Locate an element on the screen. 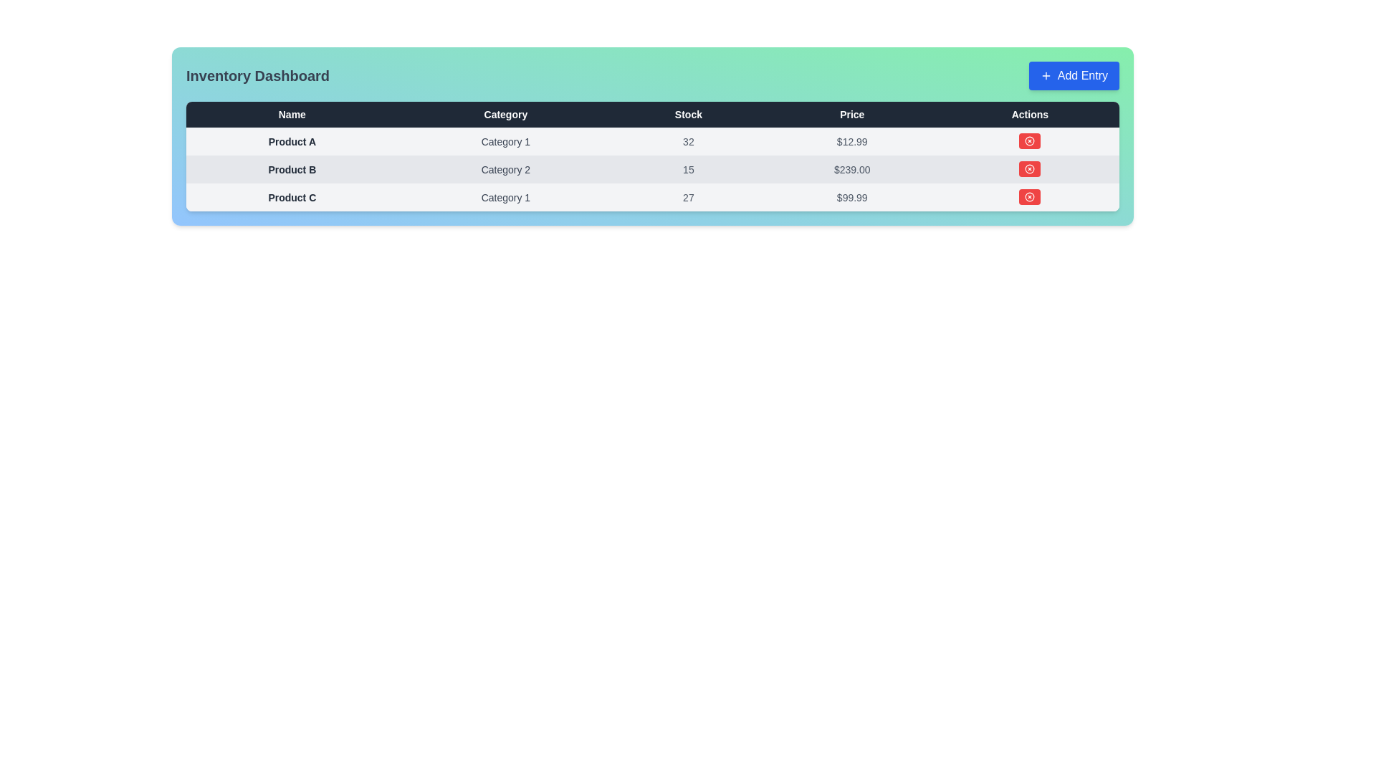 The height and width of the screenshot is (774, 1376). the non-interactive Text Display element that shows stock quantity, located in the middle of the second row under the 'Stock' column is located at coordinates (688, 141).